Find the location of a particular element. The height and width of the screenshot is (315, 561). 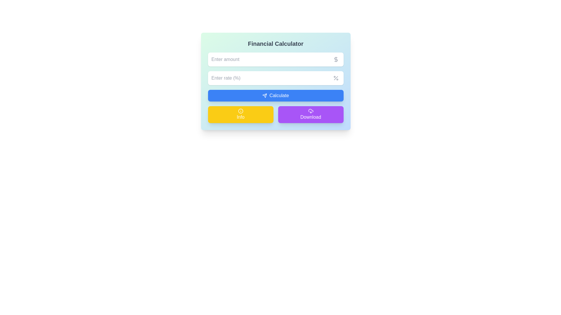

the cursor across the text within the Text input field located below the 'Financial Calculator' title is located at coordinates (275, 60).